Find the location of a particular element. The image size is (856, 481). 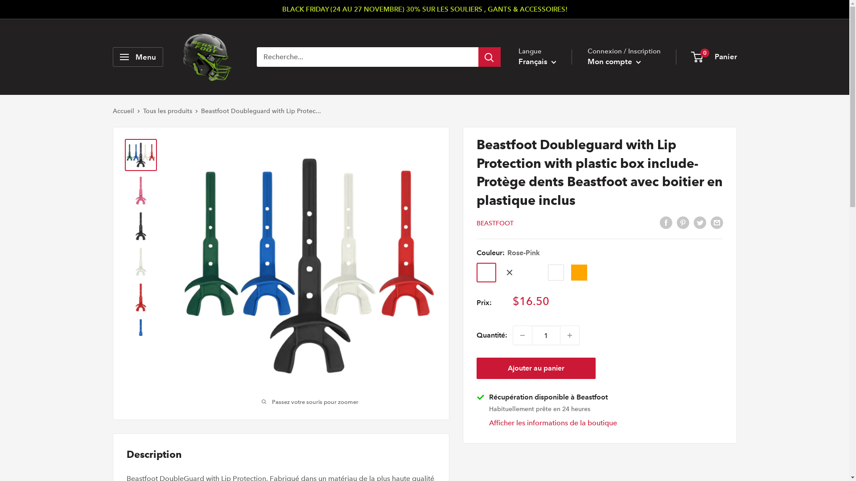

'Mon compte' is located at coordinates (613, 61).